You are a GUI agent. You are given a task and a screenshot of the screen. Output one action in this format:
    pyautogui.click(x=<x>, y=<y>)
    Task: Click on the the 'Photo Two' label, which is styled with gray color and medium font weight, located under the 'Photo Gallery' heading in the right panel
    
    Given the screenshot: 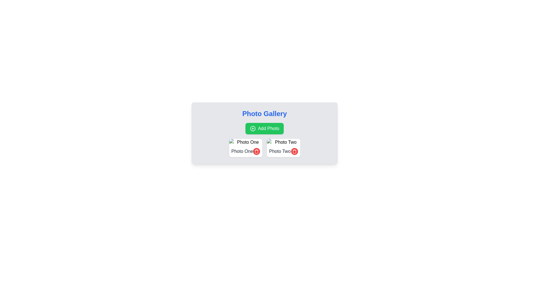 What is the action you would take?
    pyautogui.click(x=280, y=151)
    